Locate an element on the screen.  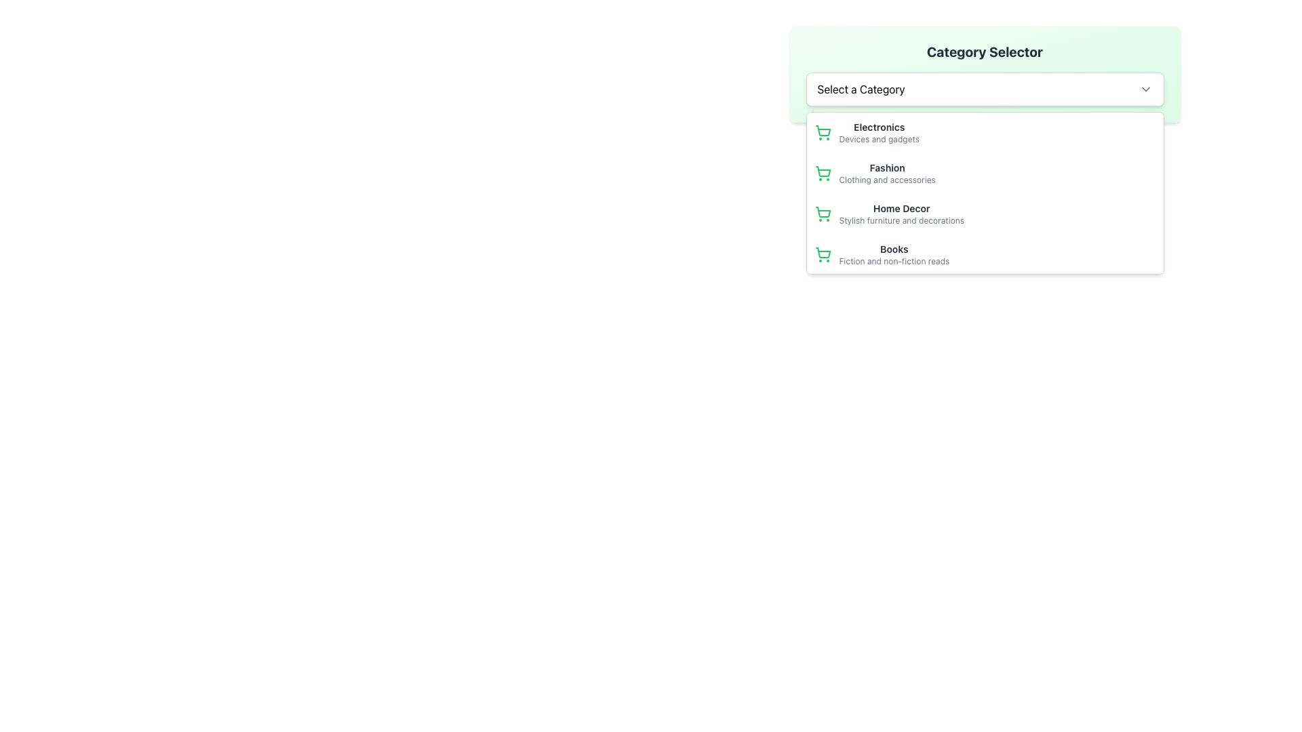
text 'Fiction and non-fiction reads' displayed in gray color below the bold title 'Books' in the dropdown menu under 'Select a Category' is located at coordinates (894, 261).